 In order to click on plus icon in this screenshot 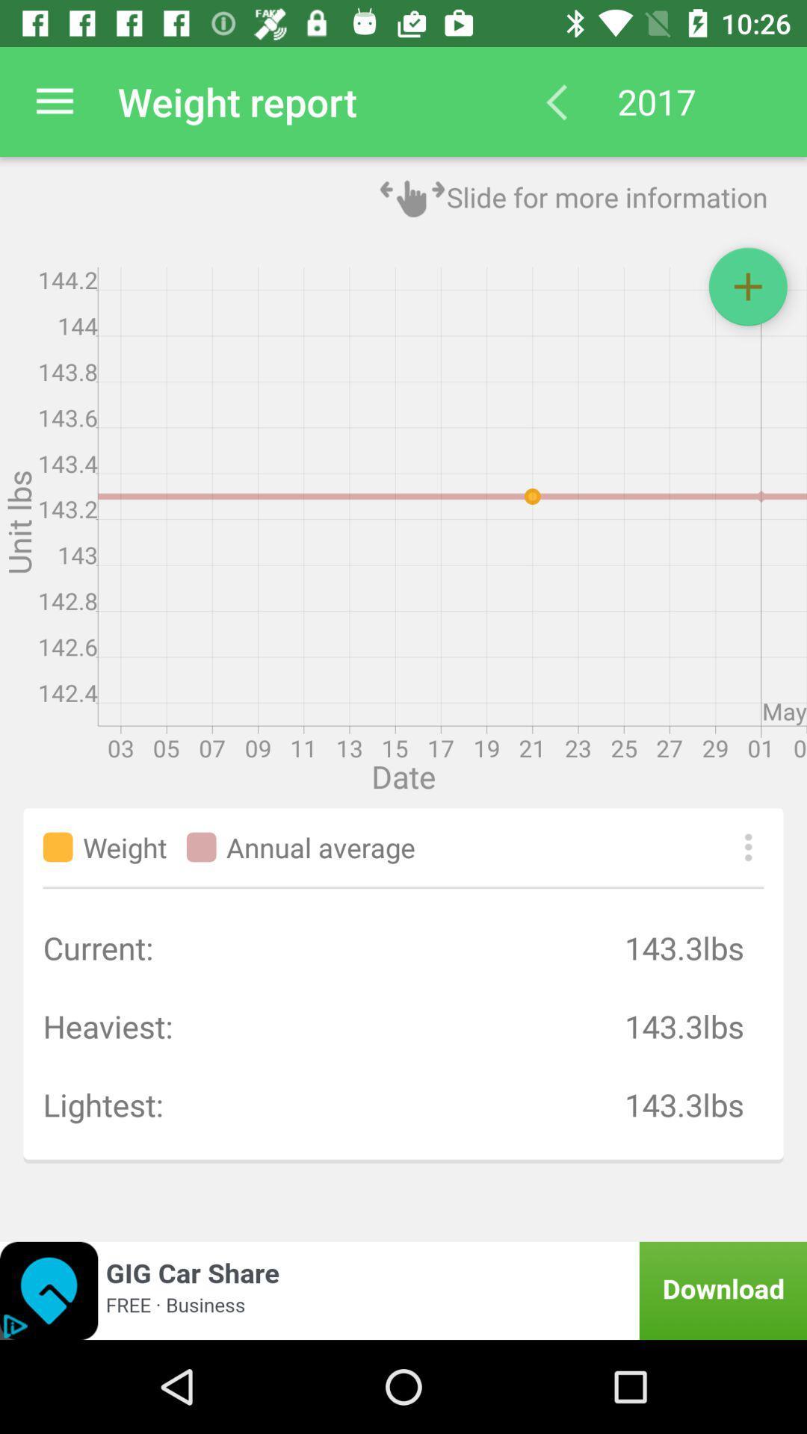, I will do `click(748, 287)`.